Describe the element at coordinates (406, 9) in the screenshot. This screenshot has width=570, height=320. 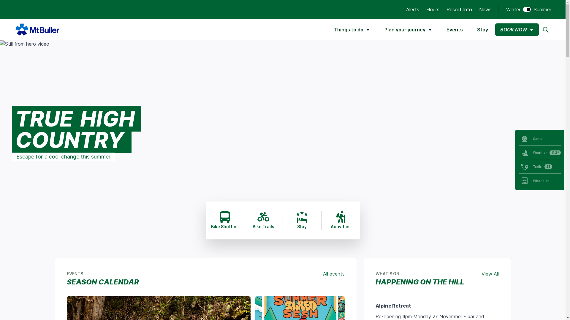
I see `'Alerts'` at that location.